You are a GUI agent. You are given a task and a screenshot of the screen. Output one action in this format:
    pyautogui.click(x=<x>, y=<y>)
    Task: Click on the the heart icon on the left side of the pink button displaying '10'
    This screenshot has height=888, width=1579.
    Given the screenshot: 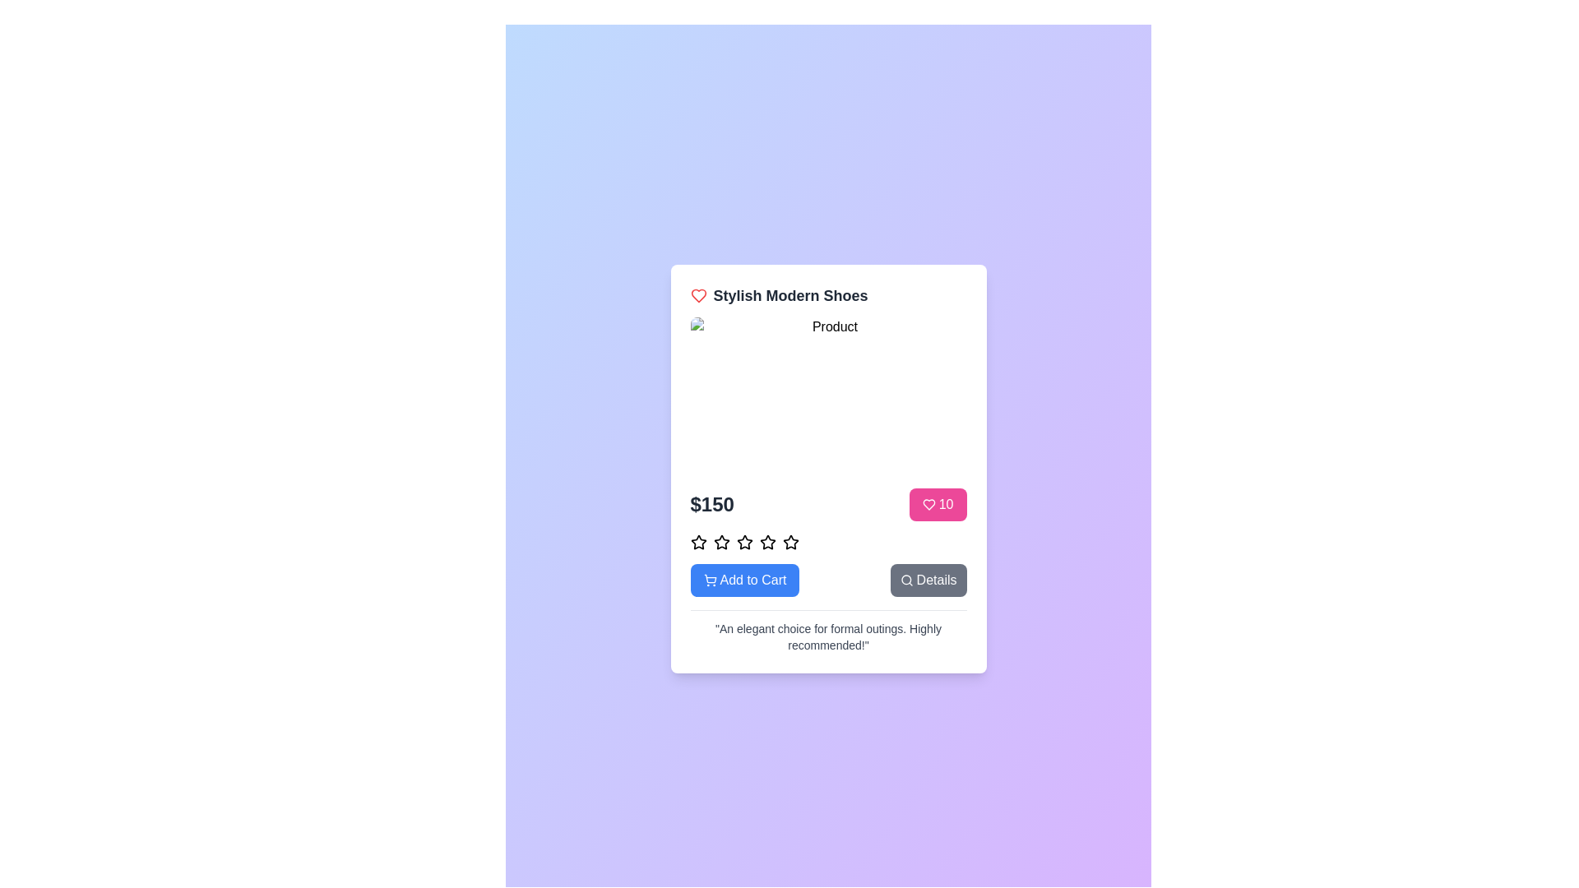 What is the action you would take?
    pyautogui.click(x=928, y=503)
    